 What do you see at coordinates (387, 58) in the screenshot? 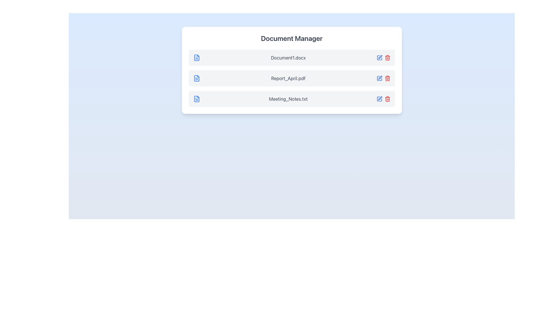
I see `the Trashcan delete icon button, which is the second icon from the right in the horizontal row aligned with the file 'Report_April.pdf'` at bounding box center [387, 58].